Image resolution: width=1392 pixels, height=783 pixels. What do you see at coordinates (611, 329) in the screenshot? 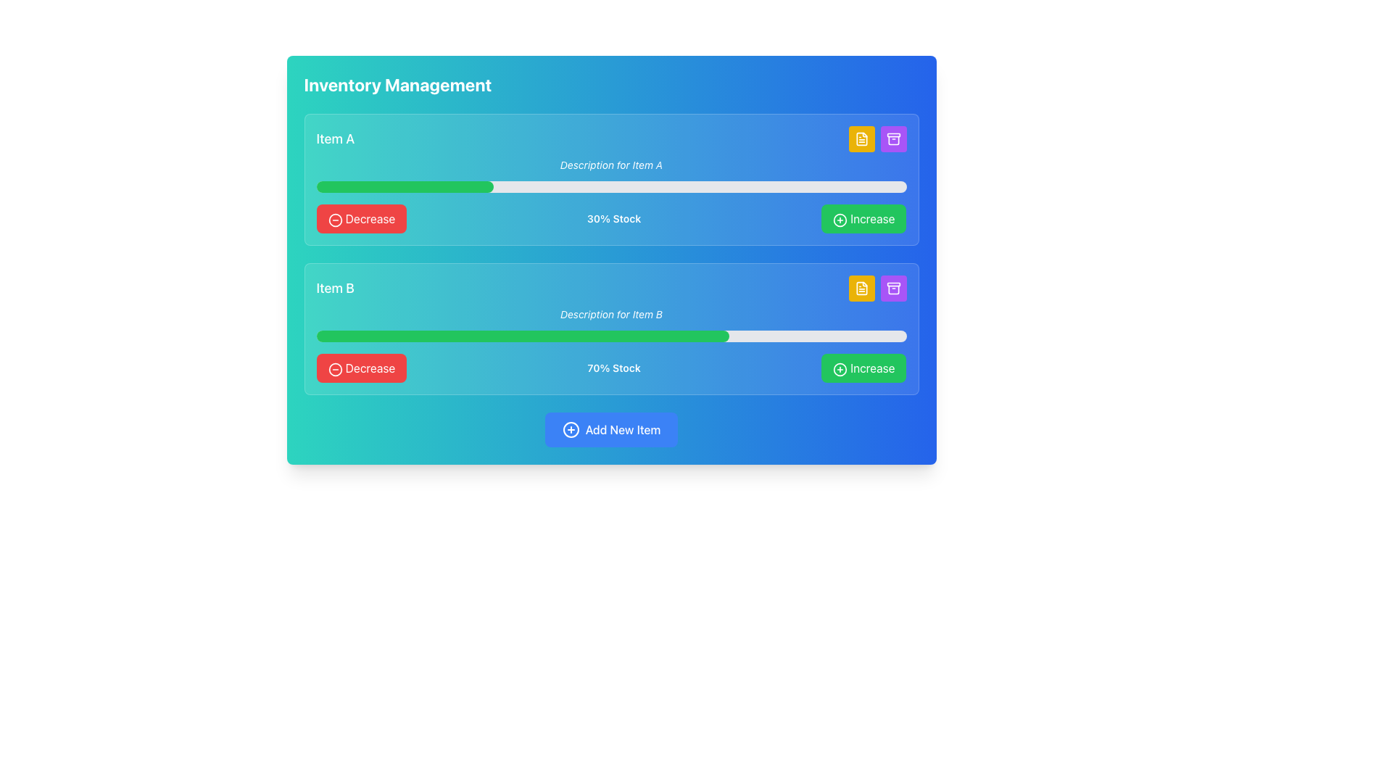
I see `the card displaying information about 'Item B', which is positioned below the card for 'Item A' in the interface` at bounding box center [611, 329].